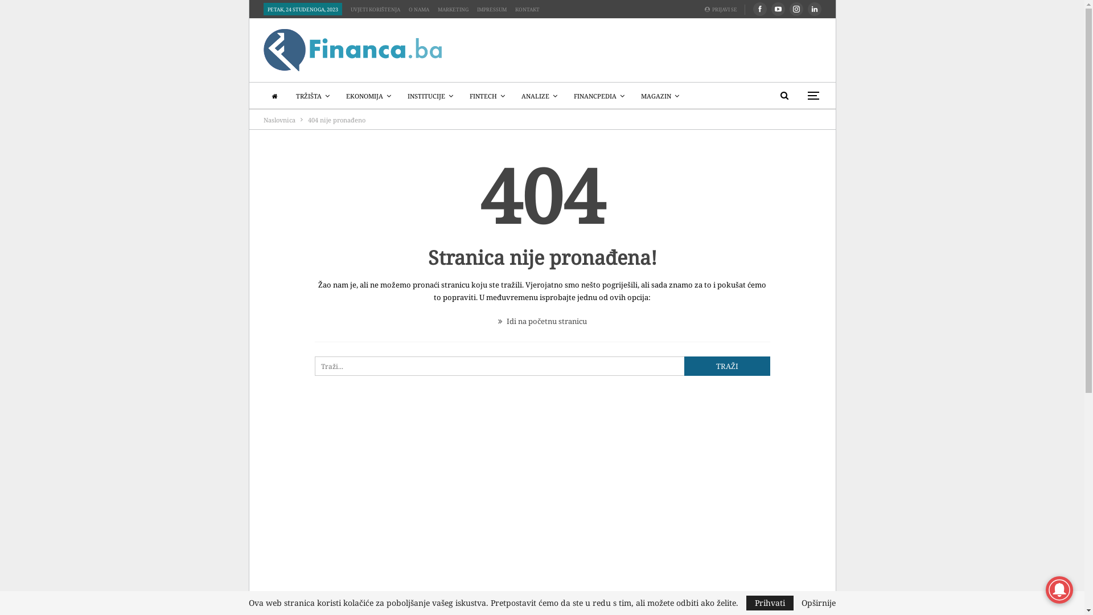  What do you see at coordinates (724, 9) in the screenshot?
I see `'PRIJAVI SE'` at bounding box center [724, 9].